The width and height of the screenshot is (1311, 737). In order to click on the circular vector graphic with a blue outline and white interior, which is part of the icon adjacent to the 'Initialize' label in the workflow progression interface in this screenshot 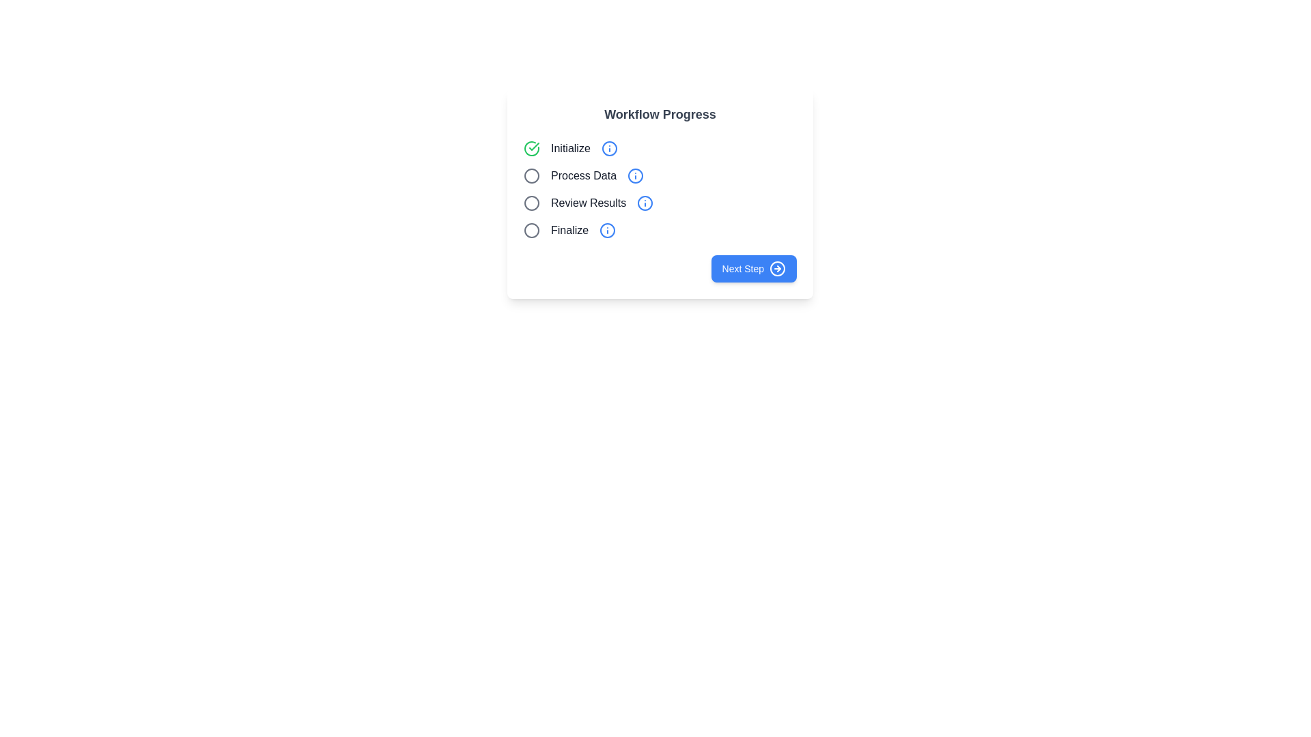, I will do `click(608, 149)`.